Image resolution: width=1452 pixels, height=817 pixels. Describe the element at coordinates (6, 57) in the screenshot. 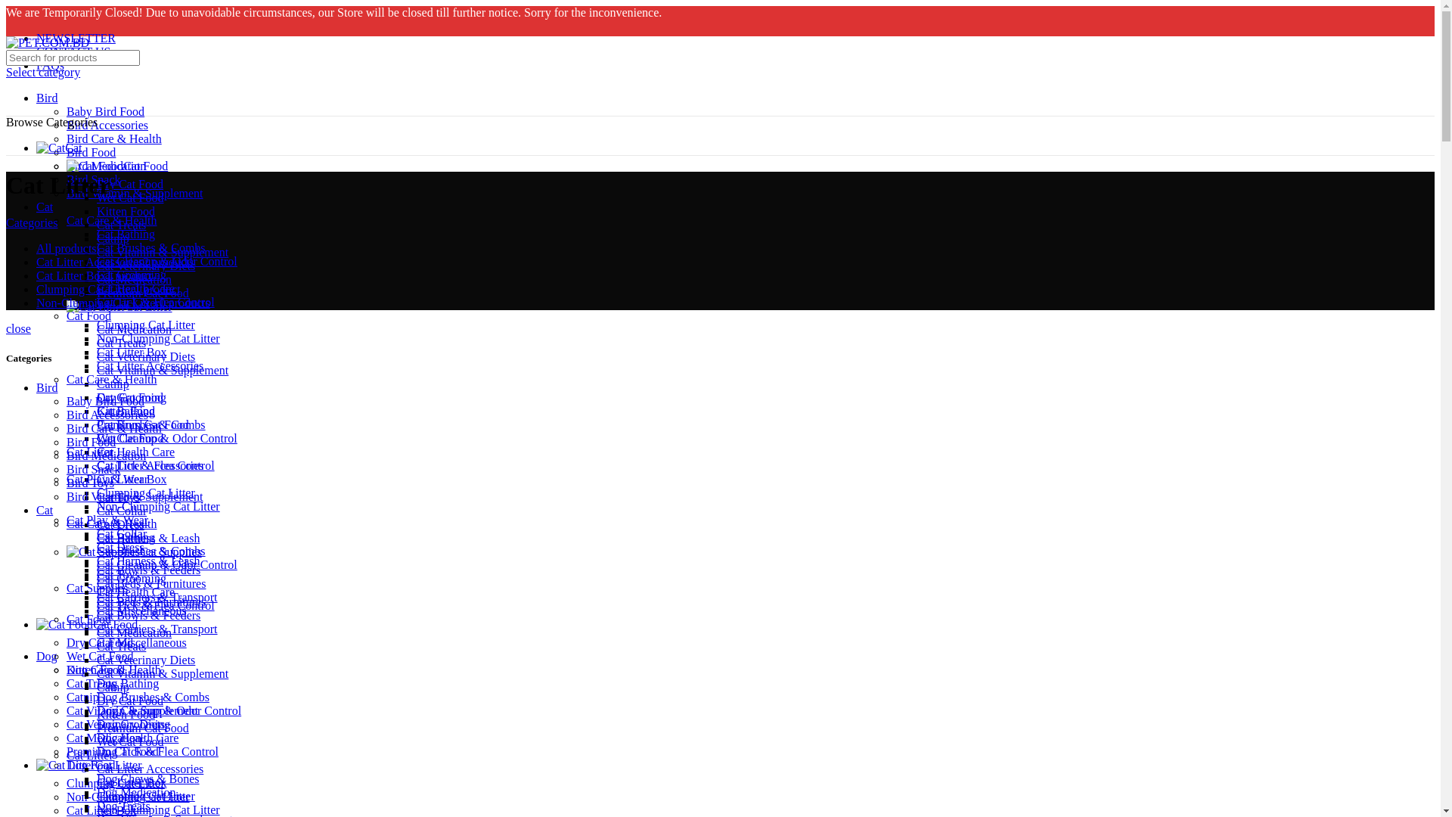

I see `'Search for products'` at that location.